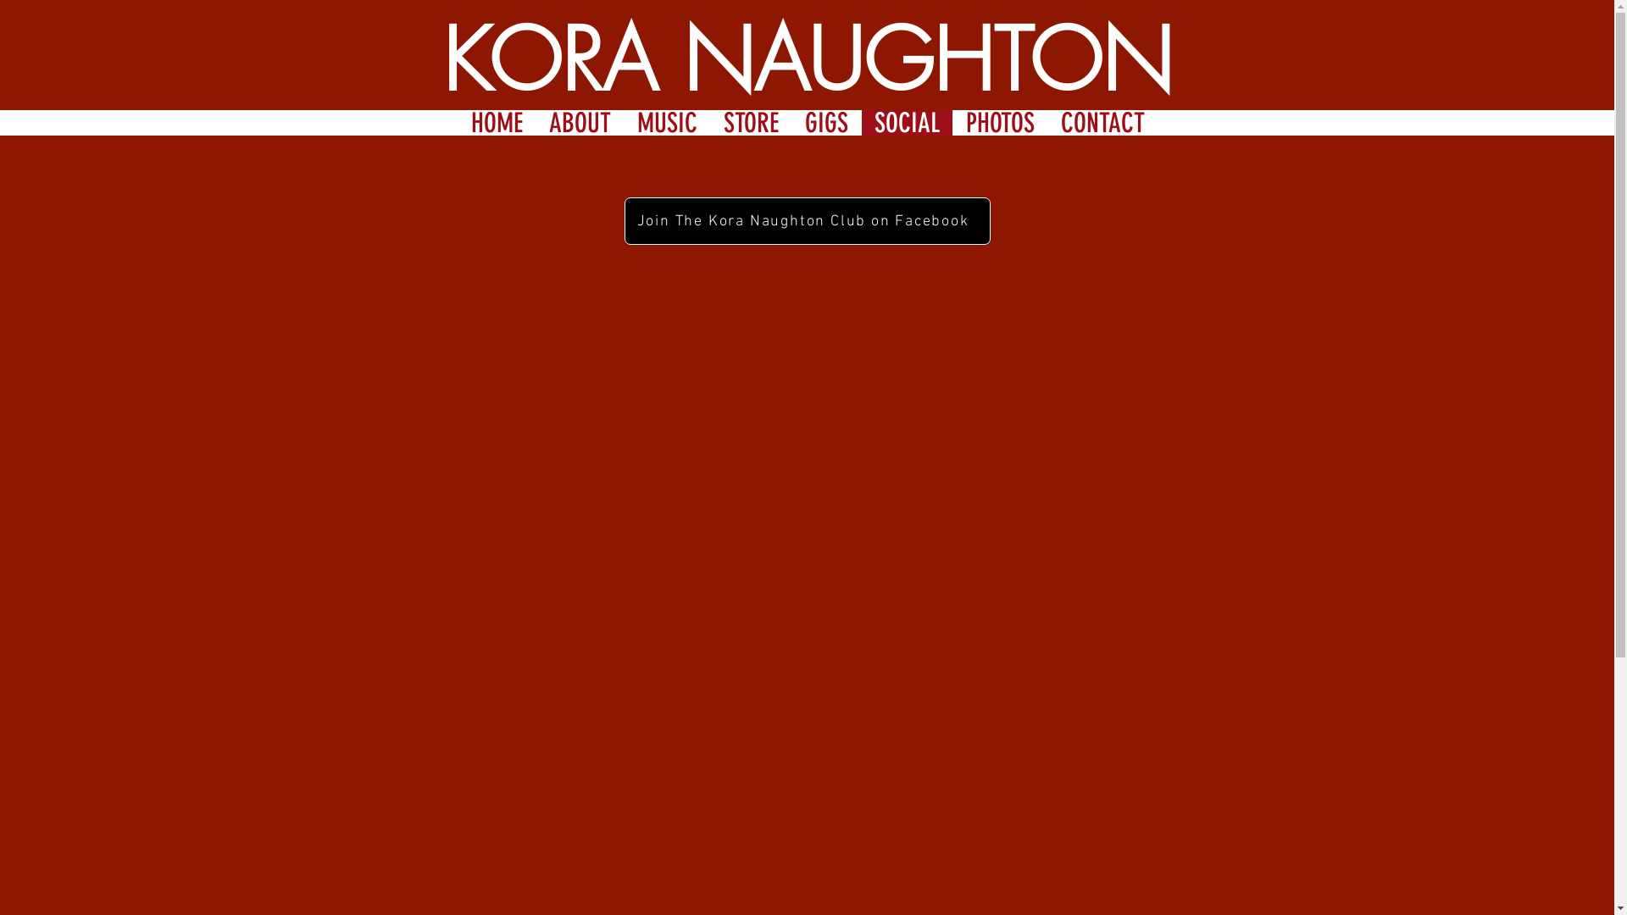 The width and height of the screenshot is (1627, 915). I want to click on 'ABOUT', so click(580, 122).